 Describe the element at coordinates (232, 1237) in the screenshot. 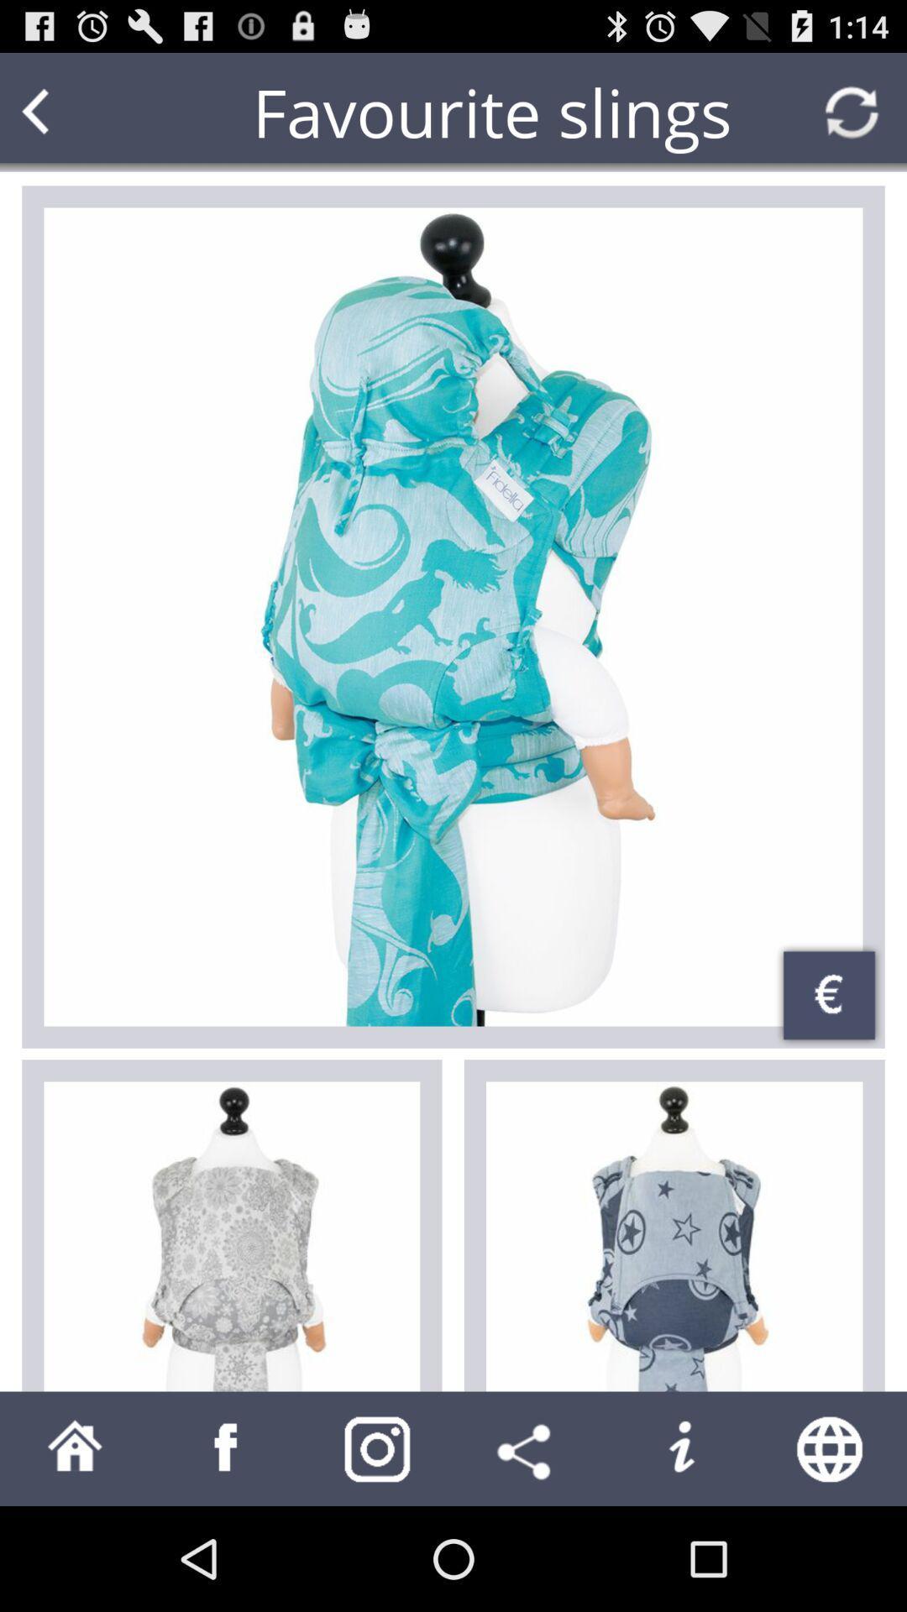

I see `the item` at that location.